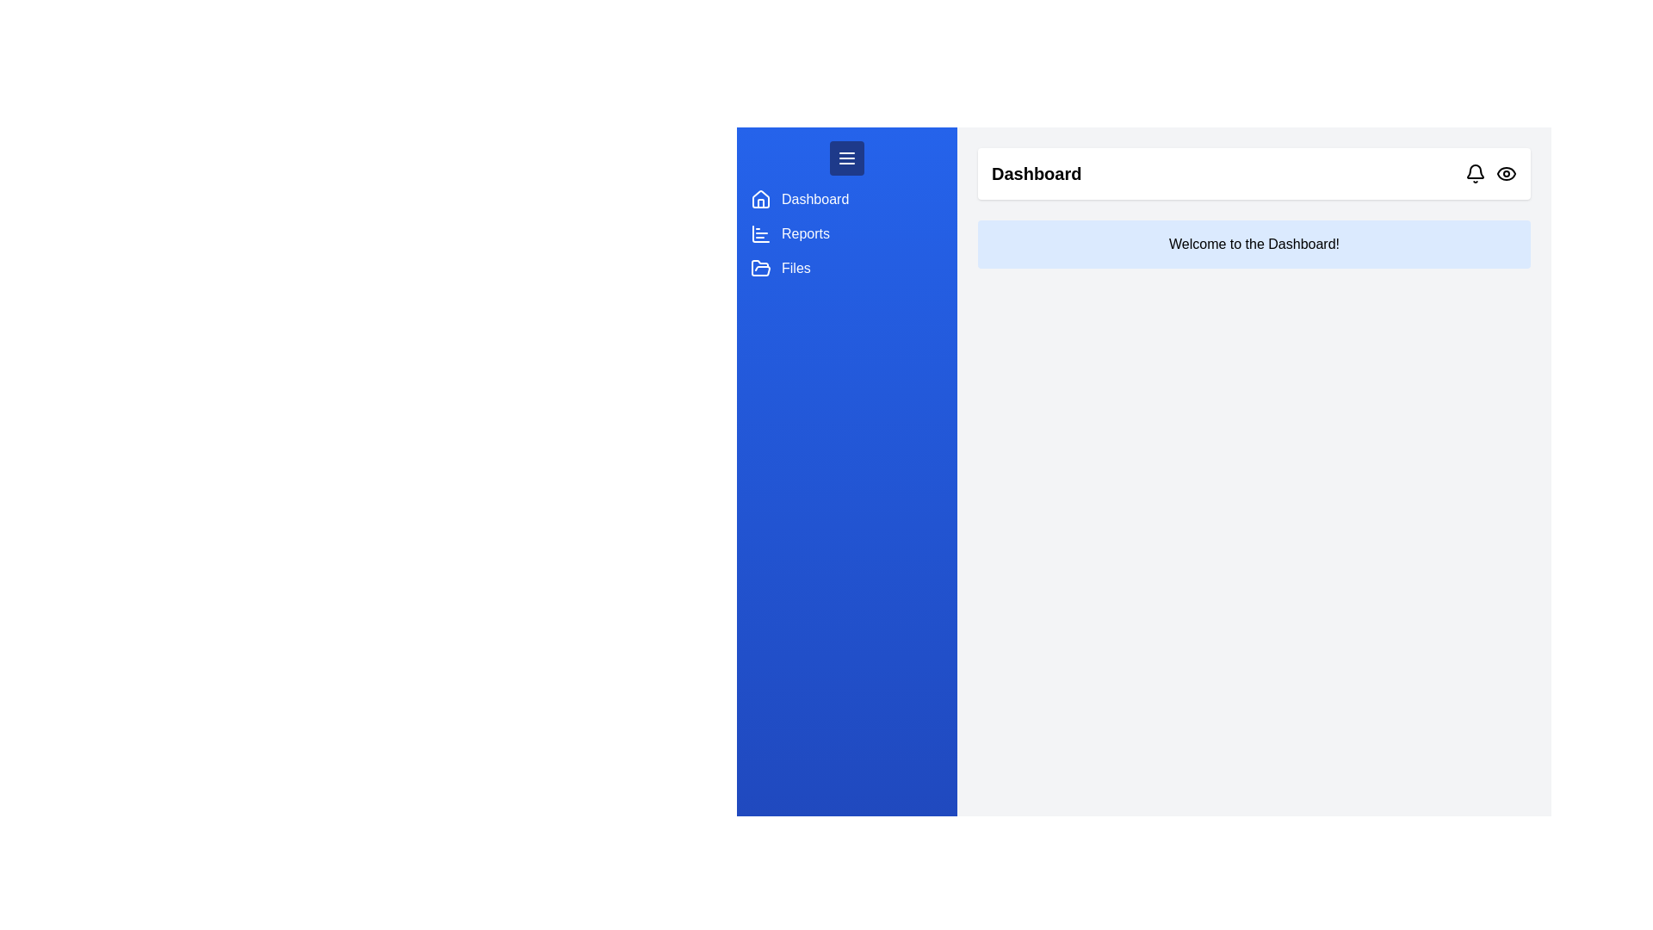  I want to click on the notification indicator button located at the top-right corner of the content section, so click(1474, 173).